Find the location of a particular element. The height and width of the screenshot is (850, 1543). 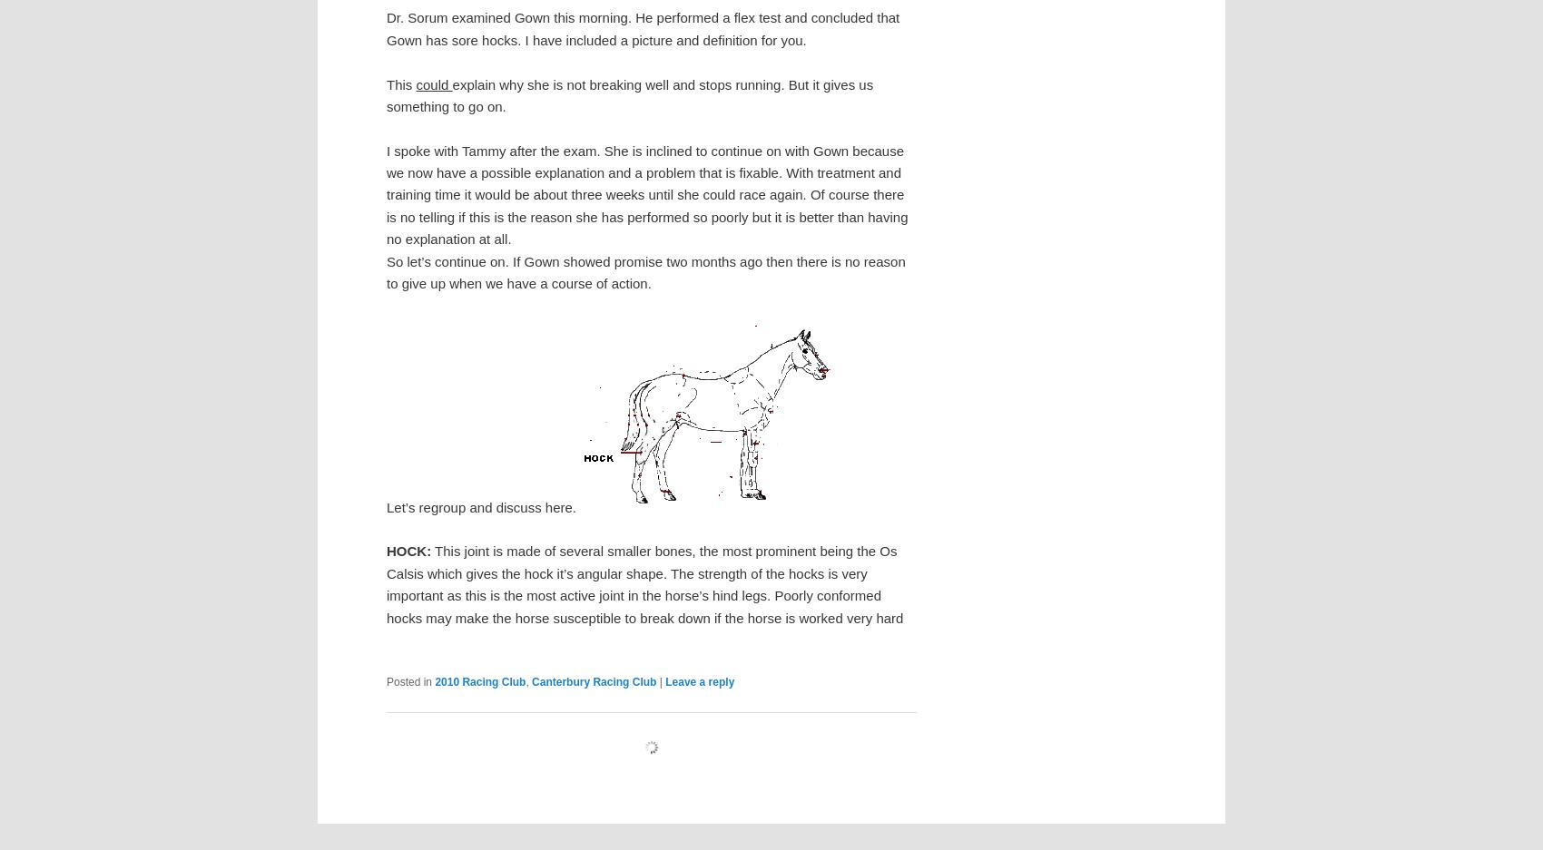

'explain why she is not breaking well and stops running. But it gives us something to go on.' is located at coordinates (629, 93).